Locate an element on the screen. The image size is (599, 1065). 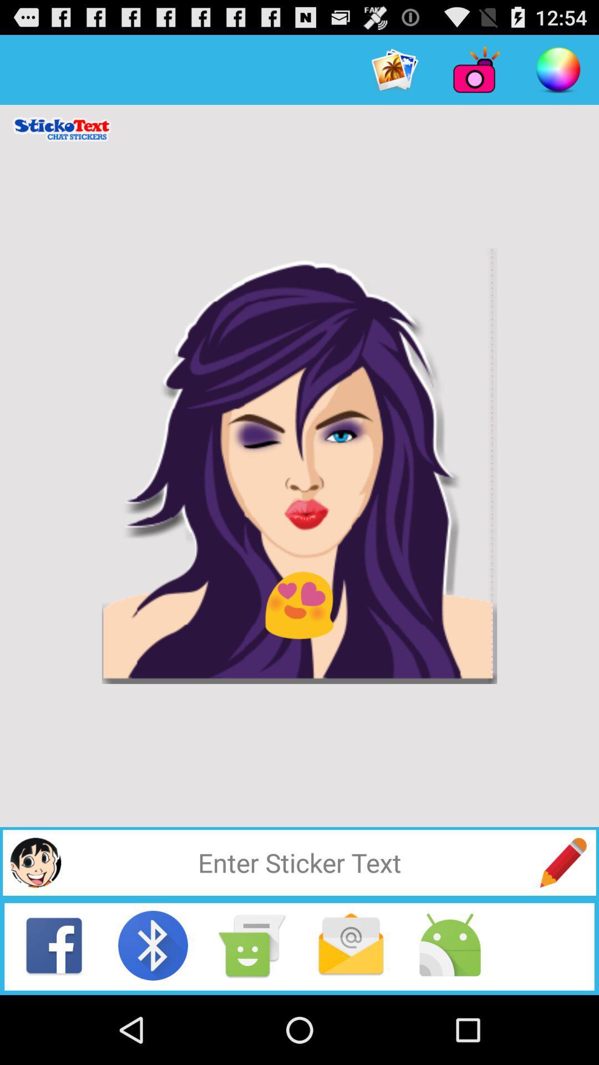
insert sticker is located at coordinates (35, 862).